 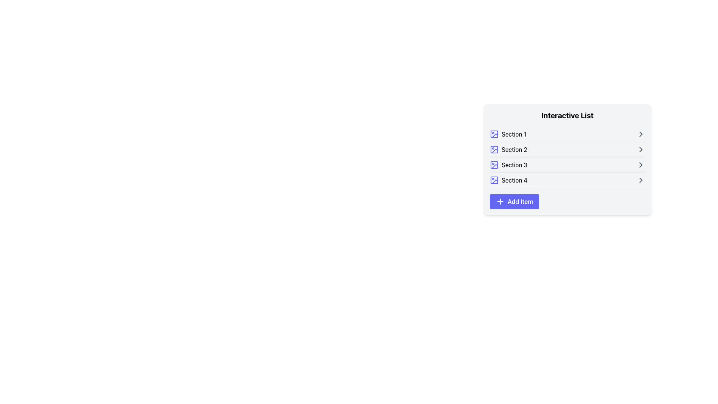 I want to click on the third list item in the vertical navigation that leads to 'Section 3', so click(x=567, y=165).